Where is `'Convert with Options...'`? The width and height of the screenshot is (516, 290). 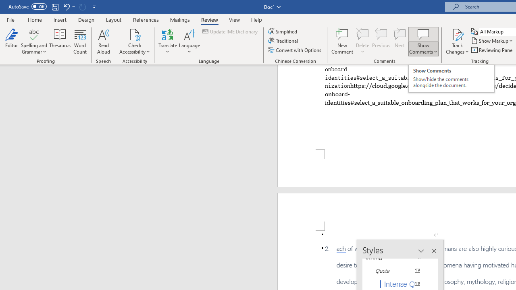
'Convert with Options...' is located at coordinates (295, 50).